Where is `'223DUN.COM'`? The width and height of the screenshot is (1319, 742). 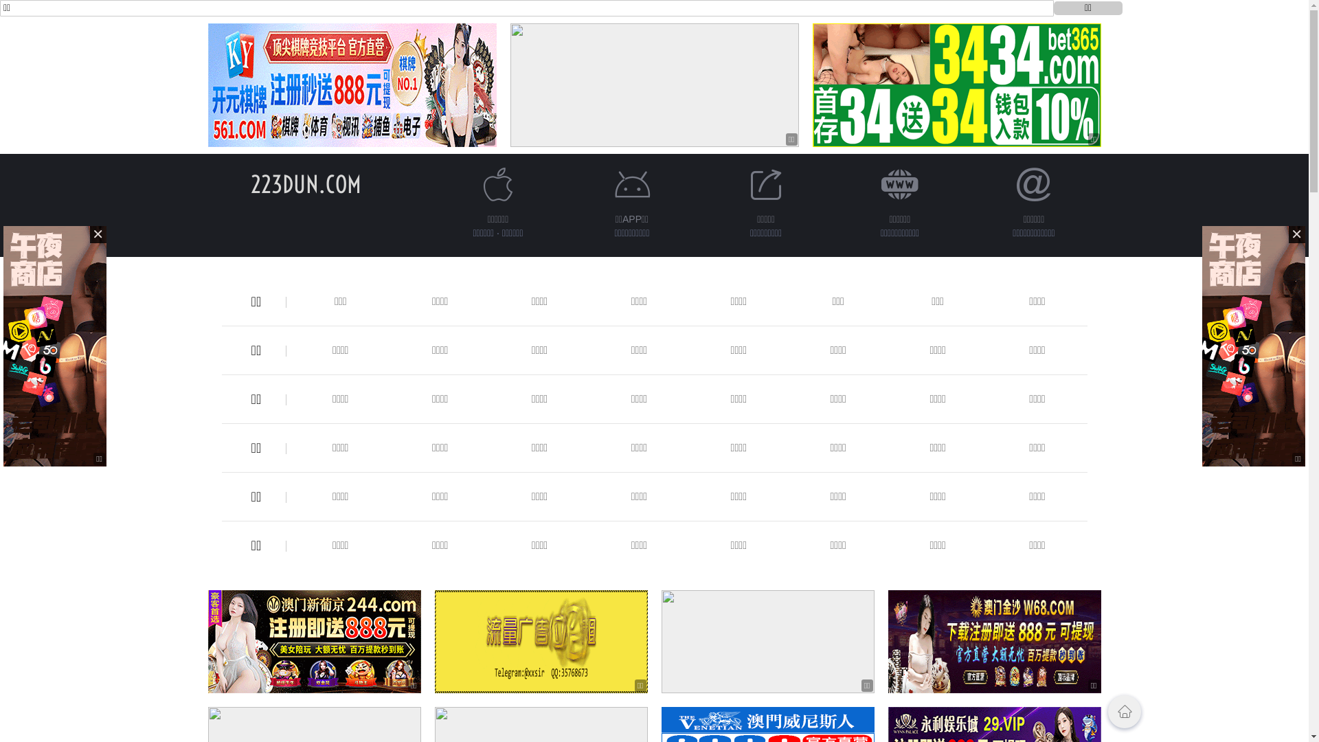 '223DUN.COM' is located at coordinates (250, 183).